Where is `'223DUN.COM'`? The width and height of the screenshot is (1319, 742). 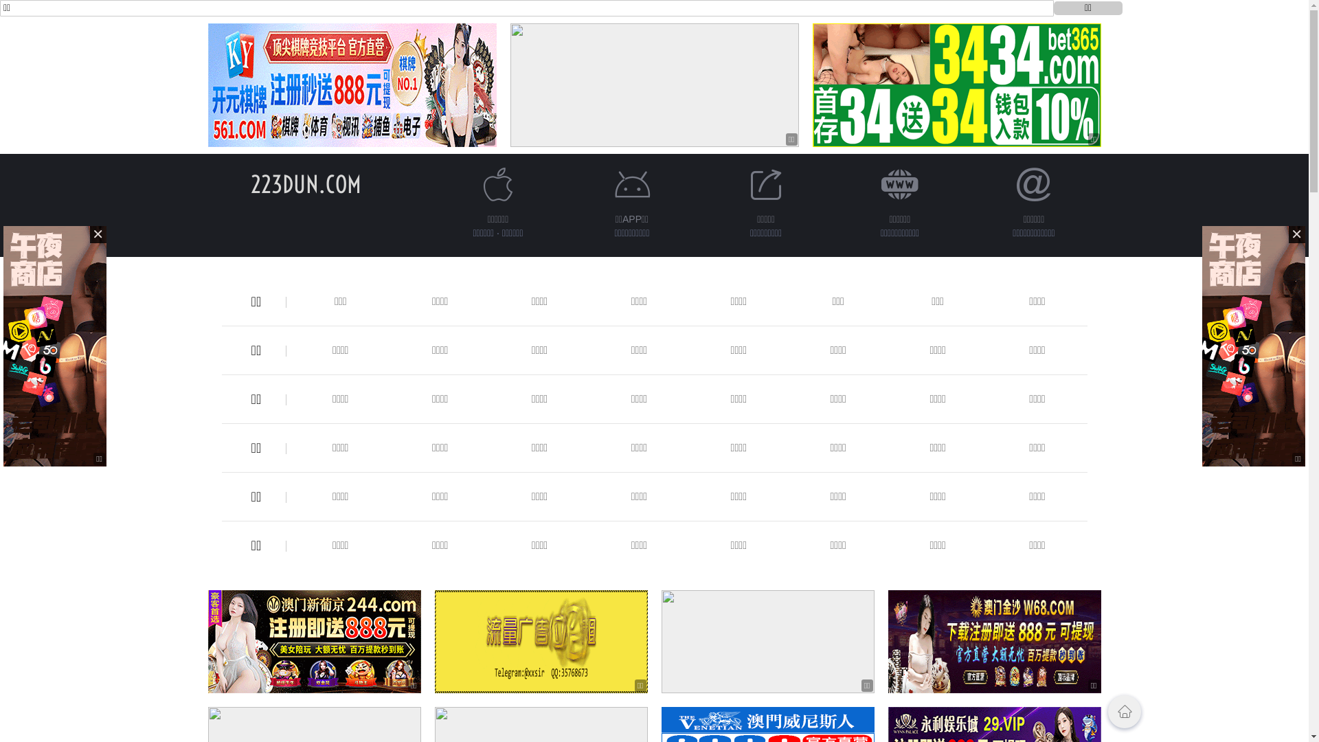 '223DUN.COM' is located at coordinates (250, 183).